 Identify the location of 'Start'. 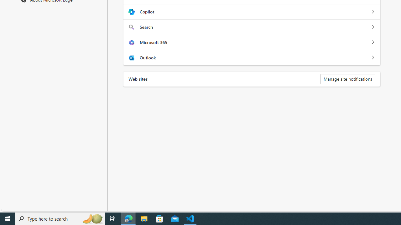
(8, 218).